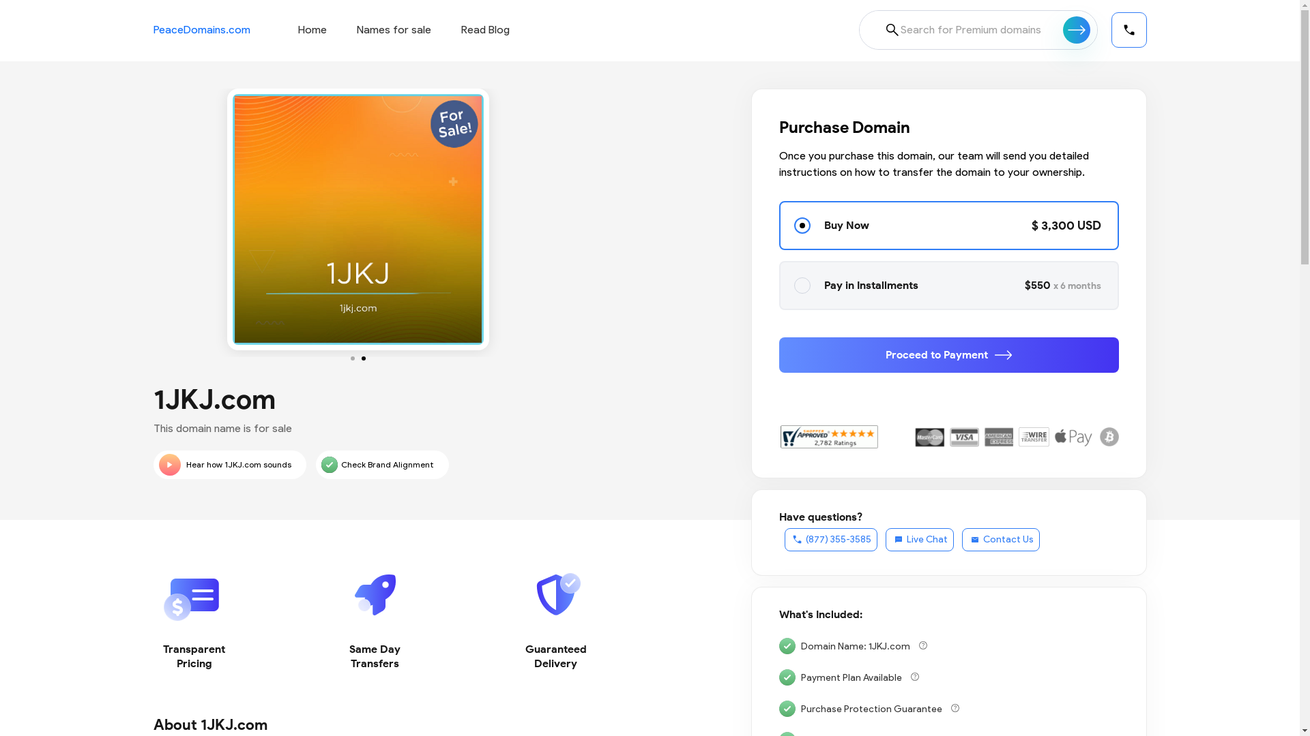  Describe the element at coordinates (392, 29) in the screenshot. I see `'Names for sale'` at that location.